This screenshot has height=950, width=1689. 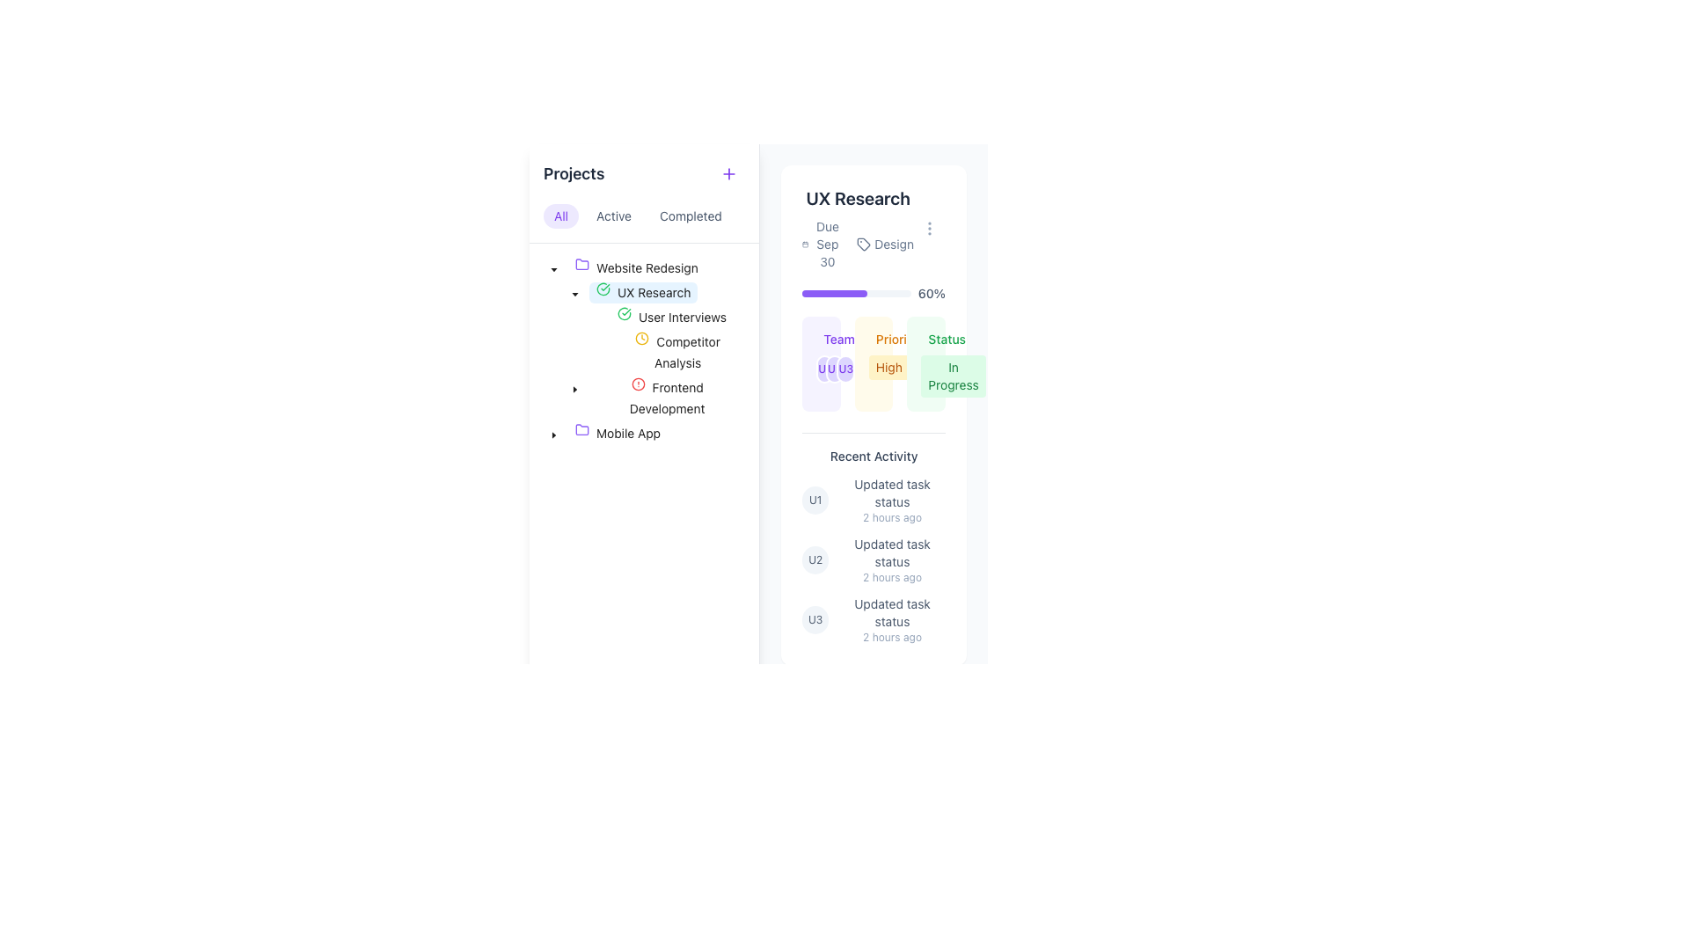 I want to click on the filter button located at the top-left of the interface to observe visual feedback, such as a color change, so click(x=560, y=216).